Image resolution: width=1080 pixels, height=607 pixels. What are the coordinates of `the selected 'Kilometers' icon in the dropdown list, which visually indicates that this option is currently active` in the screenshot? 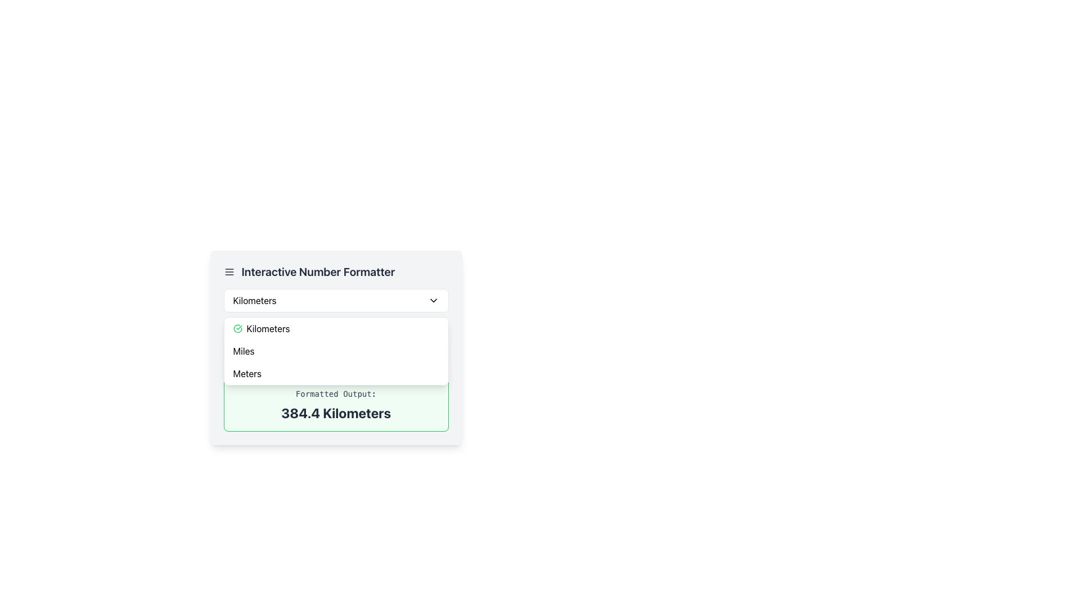 It's located at (237, 329).